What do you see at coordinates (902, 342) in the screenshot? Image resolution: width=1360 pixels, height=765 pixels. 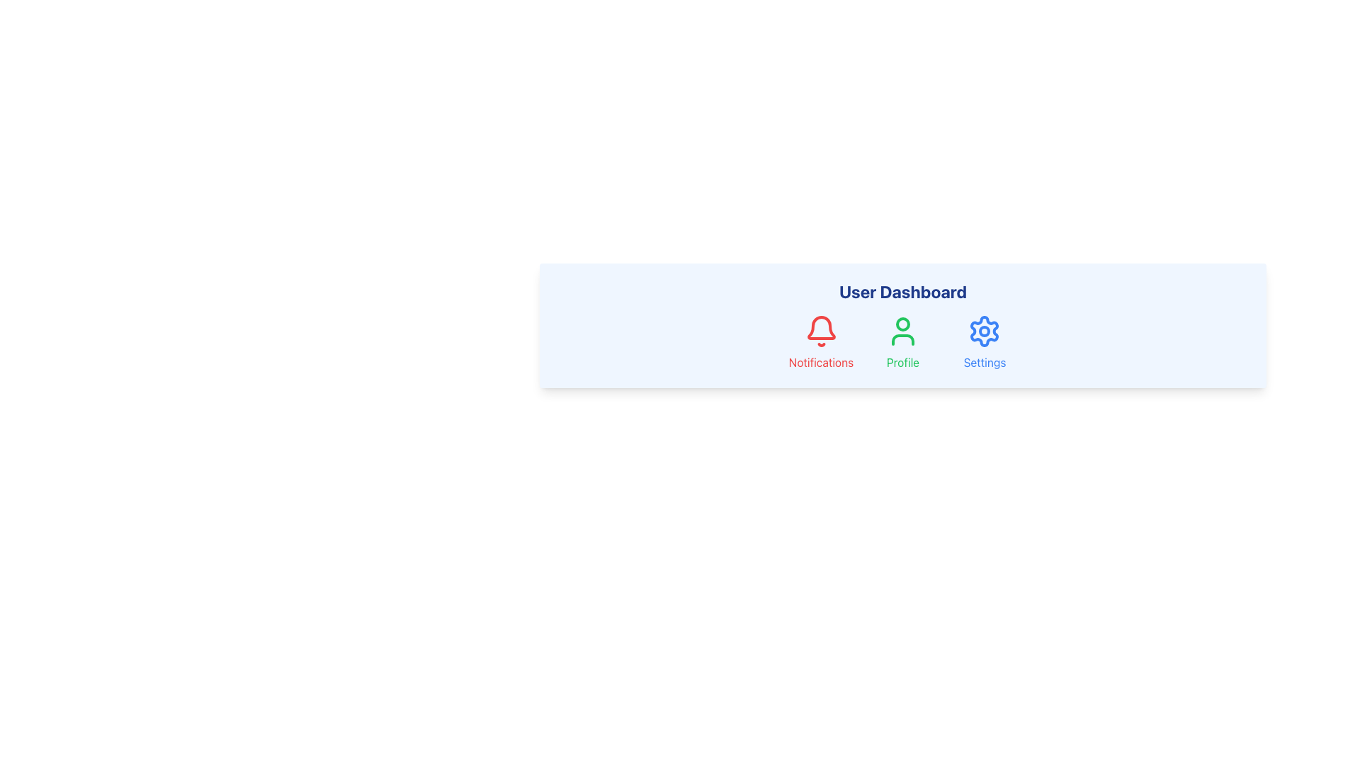 I see `the 'Profile' icon and label in the User Dashboard` at bounding box center [902, 342].